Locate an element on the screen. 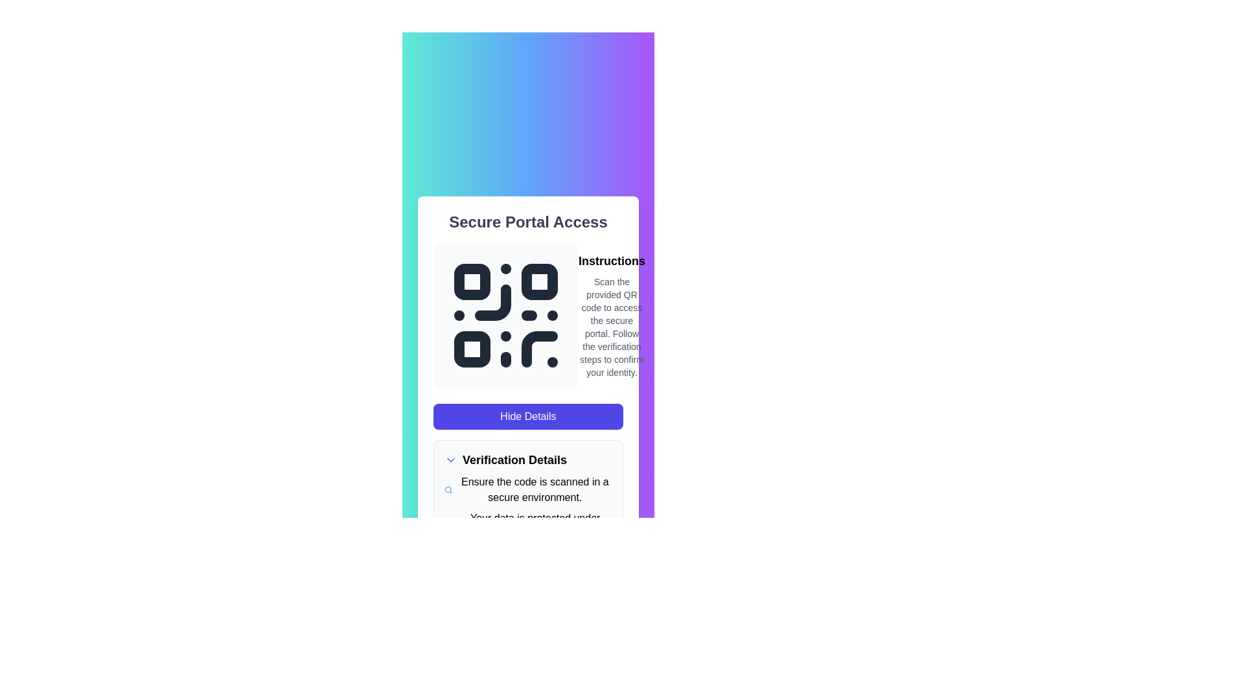  the chevron-down icon representing the toggle for the 'Verification Details' section is located at coordinates (451, 459).